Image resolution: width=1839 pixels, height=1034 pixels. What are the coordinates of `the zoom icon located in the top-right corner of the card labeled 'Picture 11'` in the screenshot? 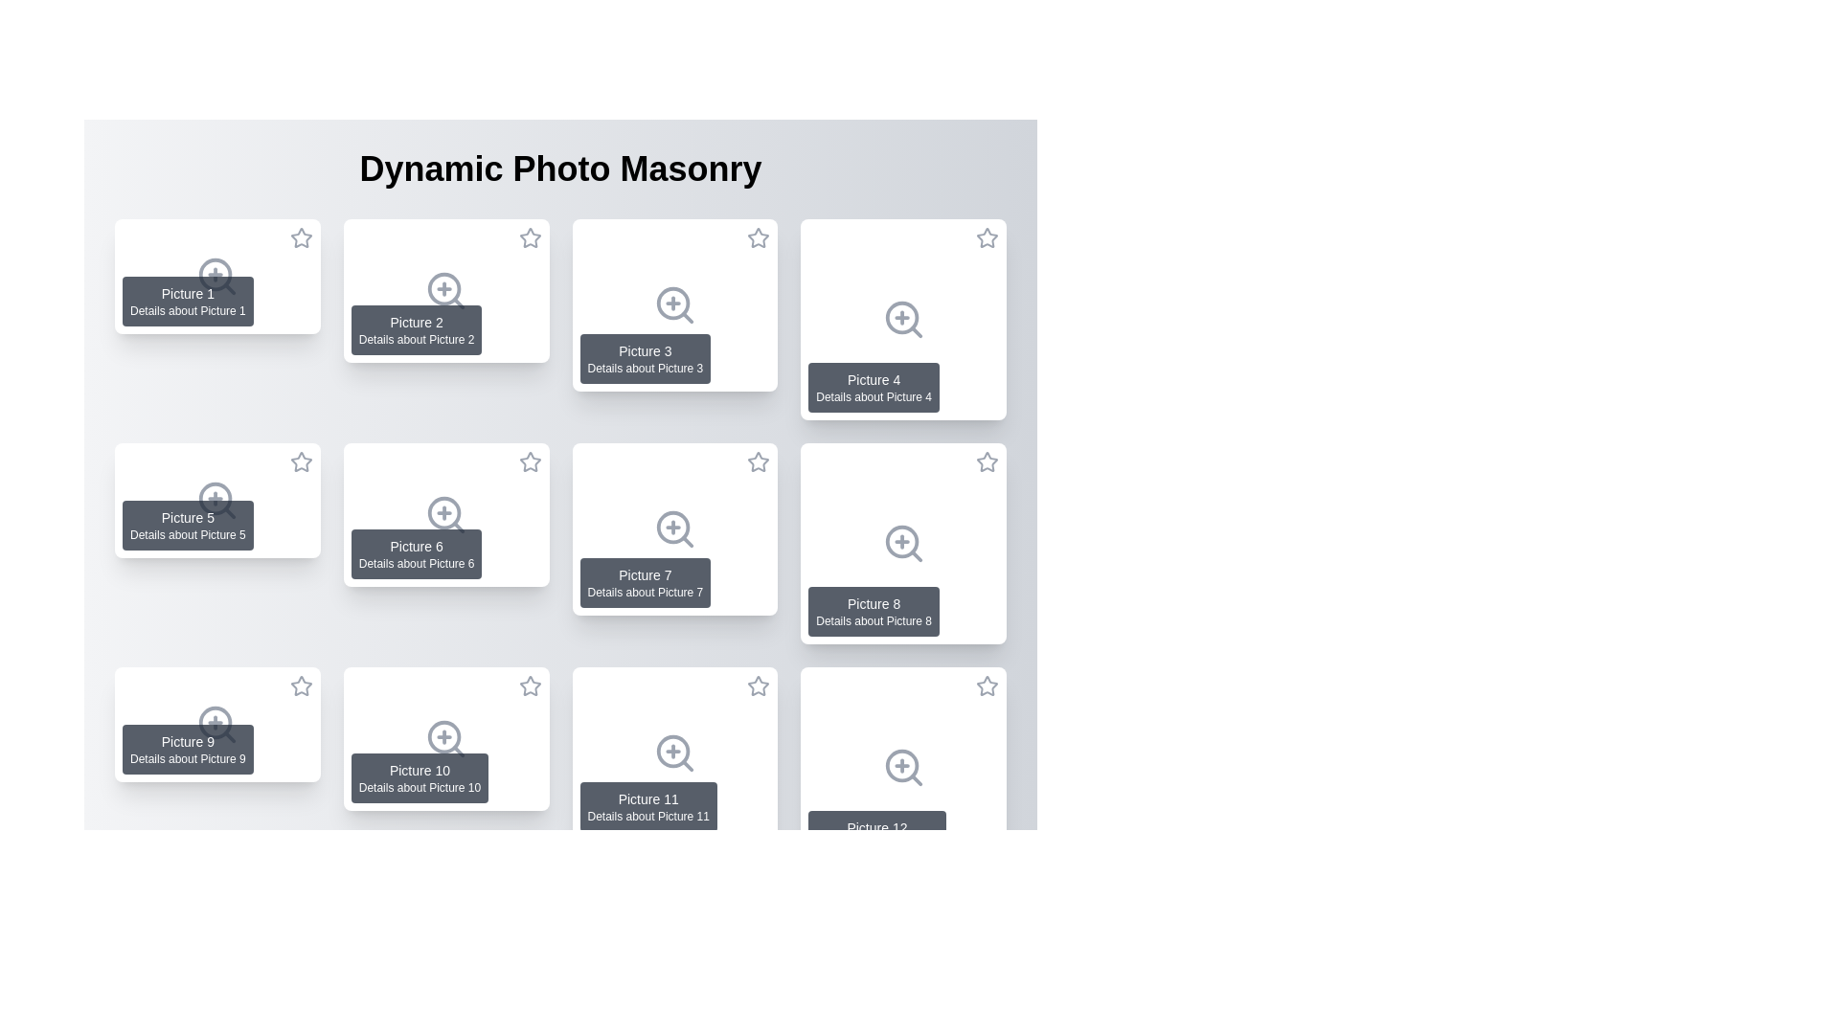 It's located at (672, 751).